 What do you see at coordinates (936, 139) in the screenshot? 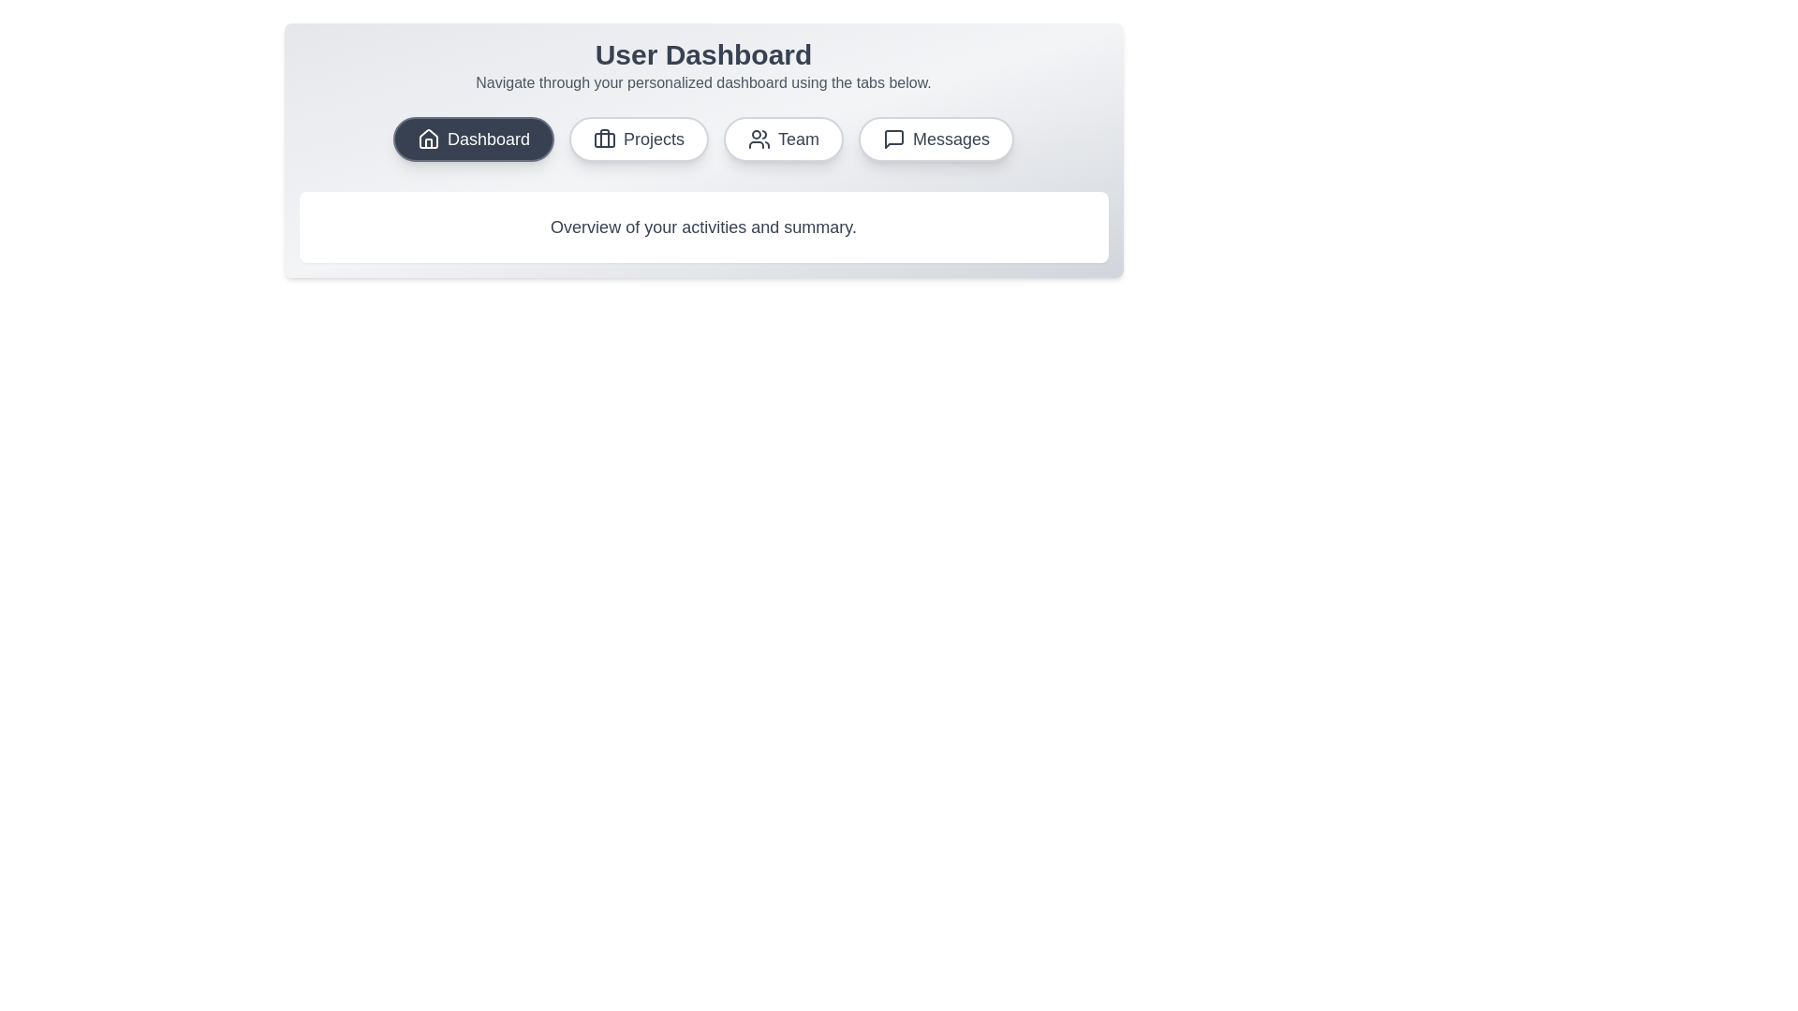
I see `the tab labeled Messages to observe the visual effect` at bounding box center [936, 139].